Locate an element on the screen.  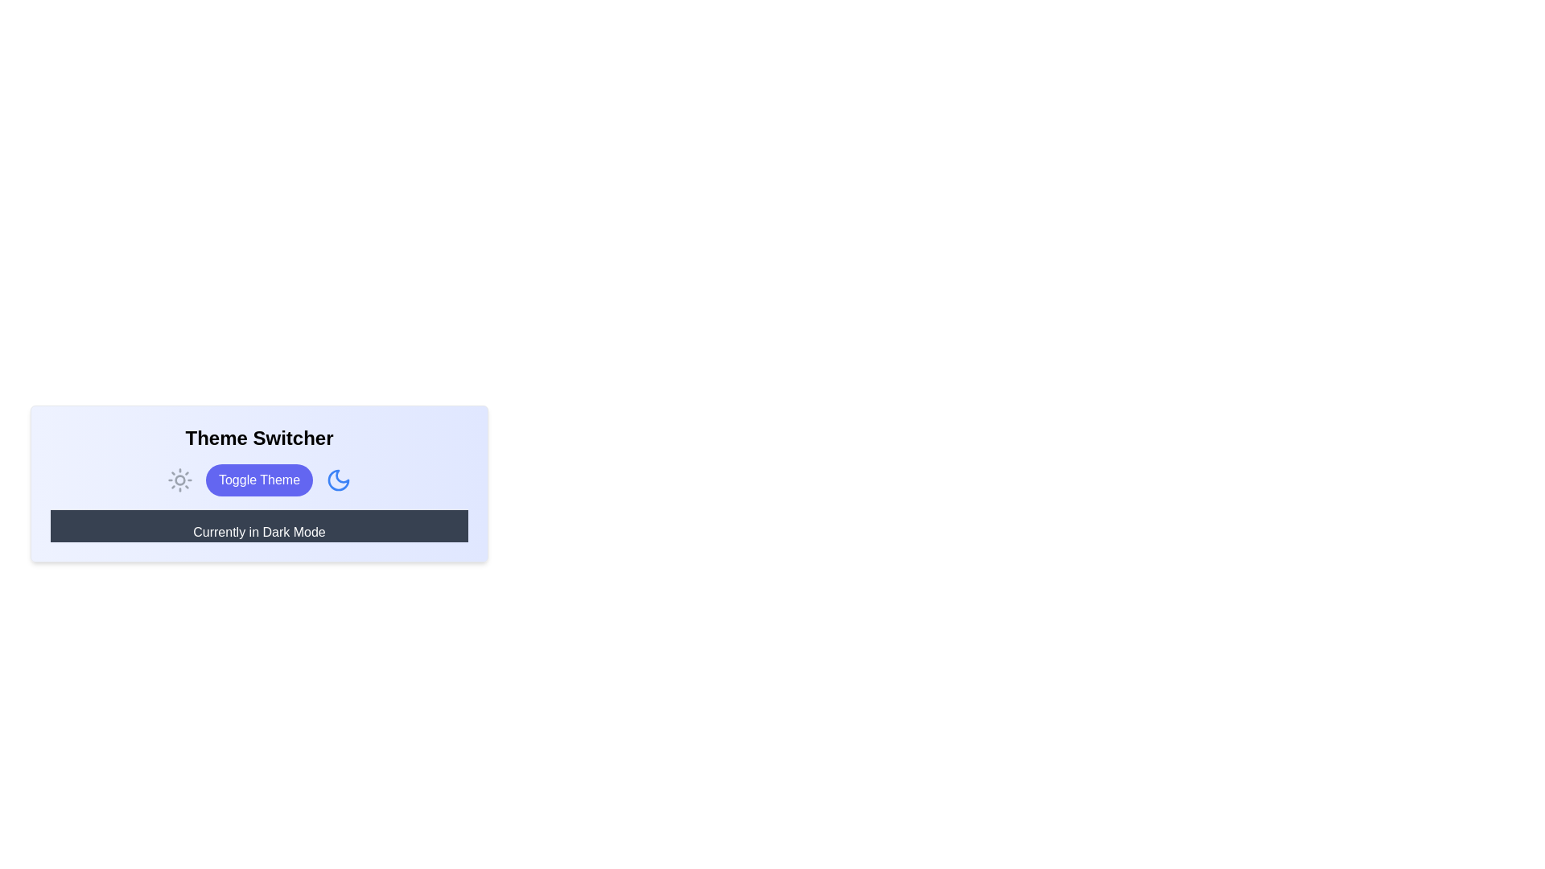
the sun icon's circular element within the theme toggler interface, which visually represents the 'light mode' theme is located at coordinates (179, 480).